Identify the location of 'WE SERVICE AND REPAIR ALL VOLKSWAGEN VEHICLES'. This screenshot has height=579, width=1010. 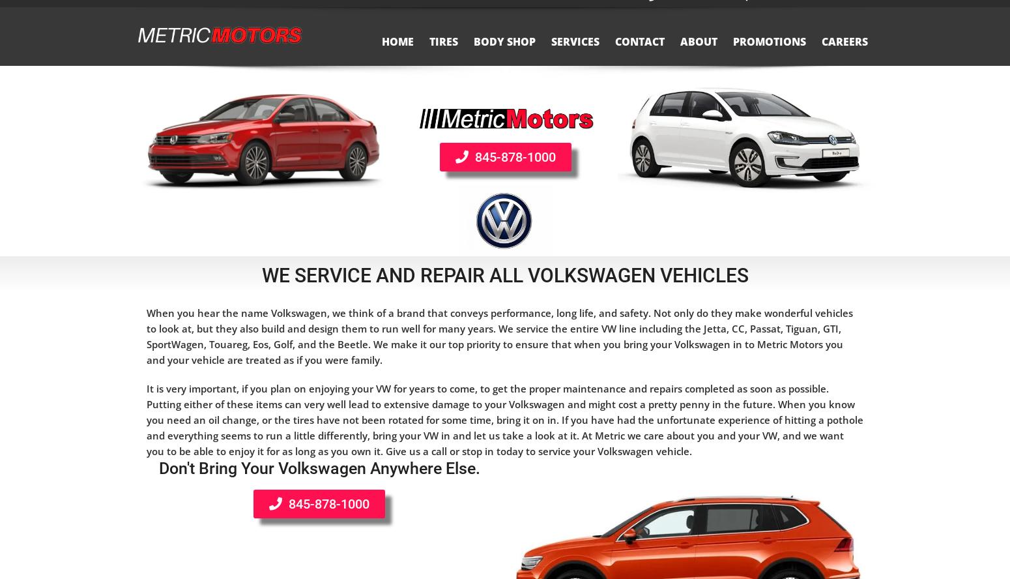
(504, 274).